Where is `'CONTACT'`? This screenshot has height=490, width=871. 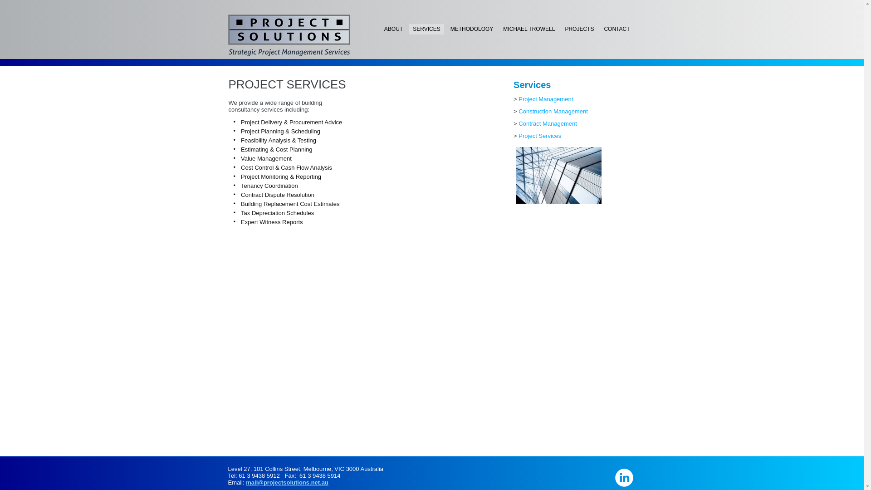
'CONTACT' is located at coordinates (600, 29).